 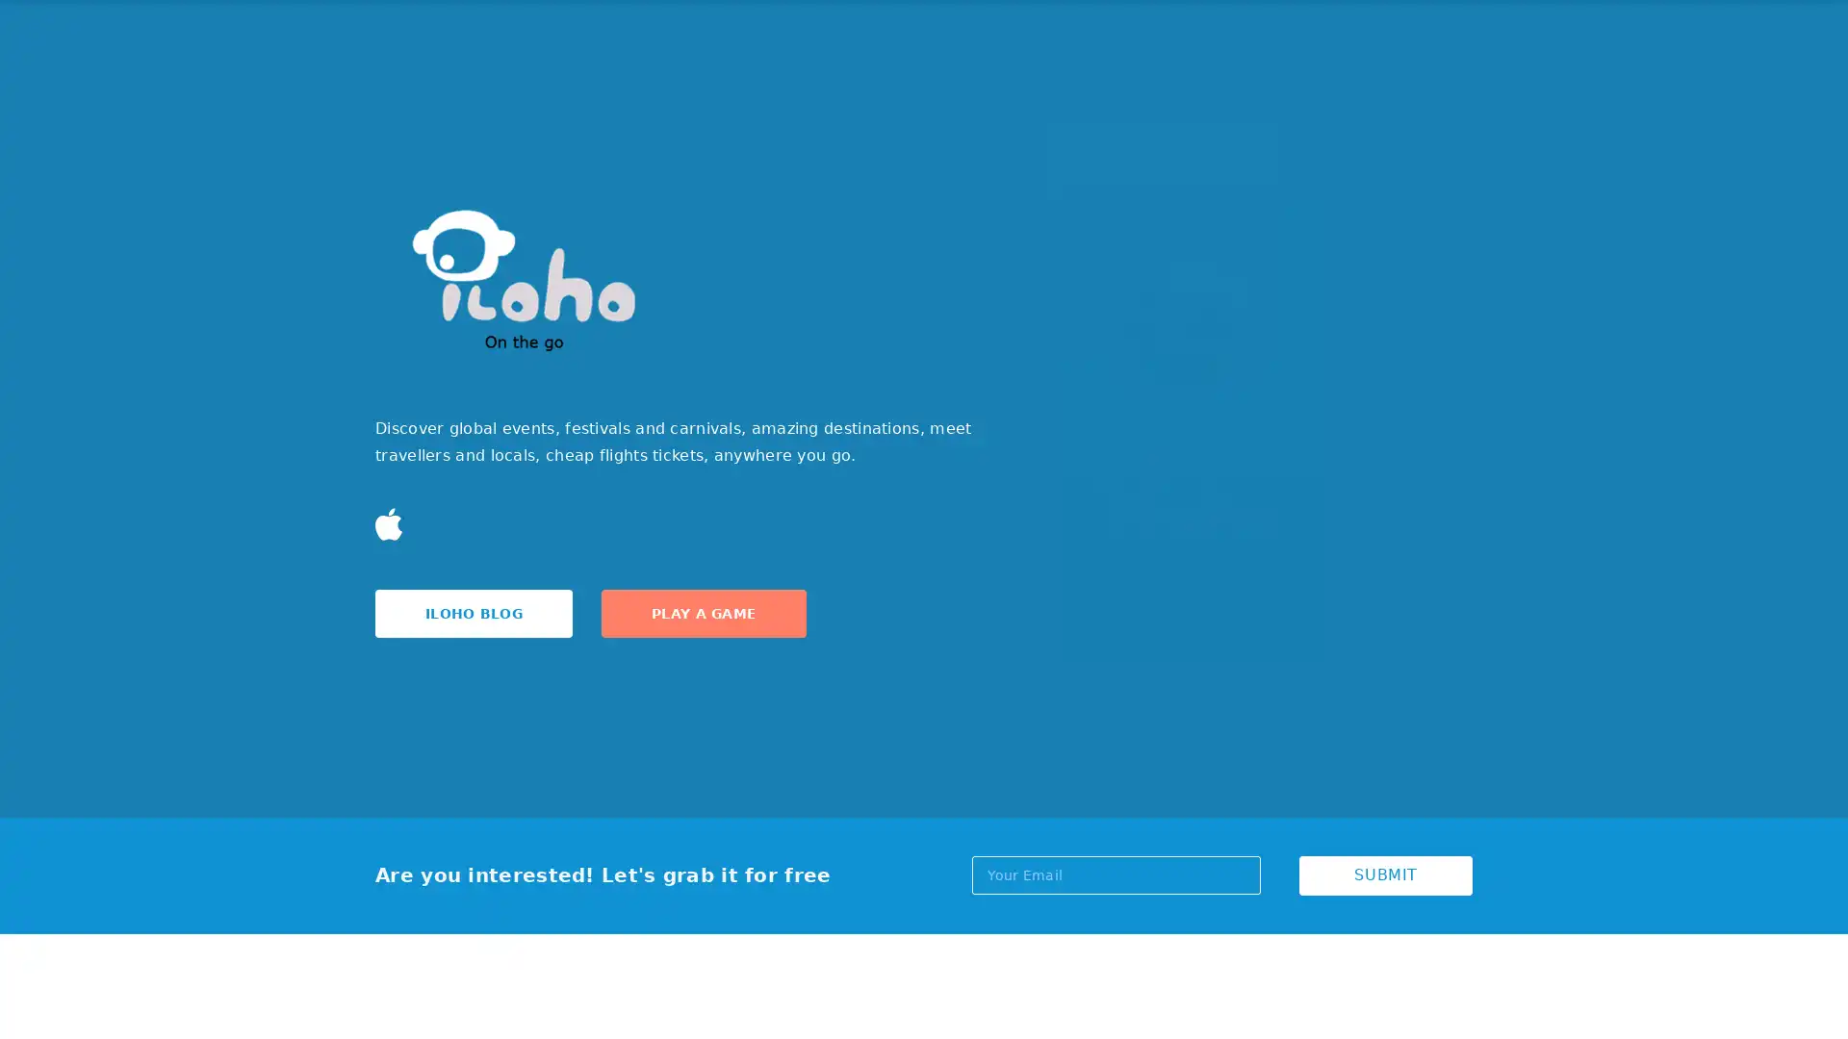 I want to click on SUBMIT, so click(x=1386, y=875).